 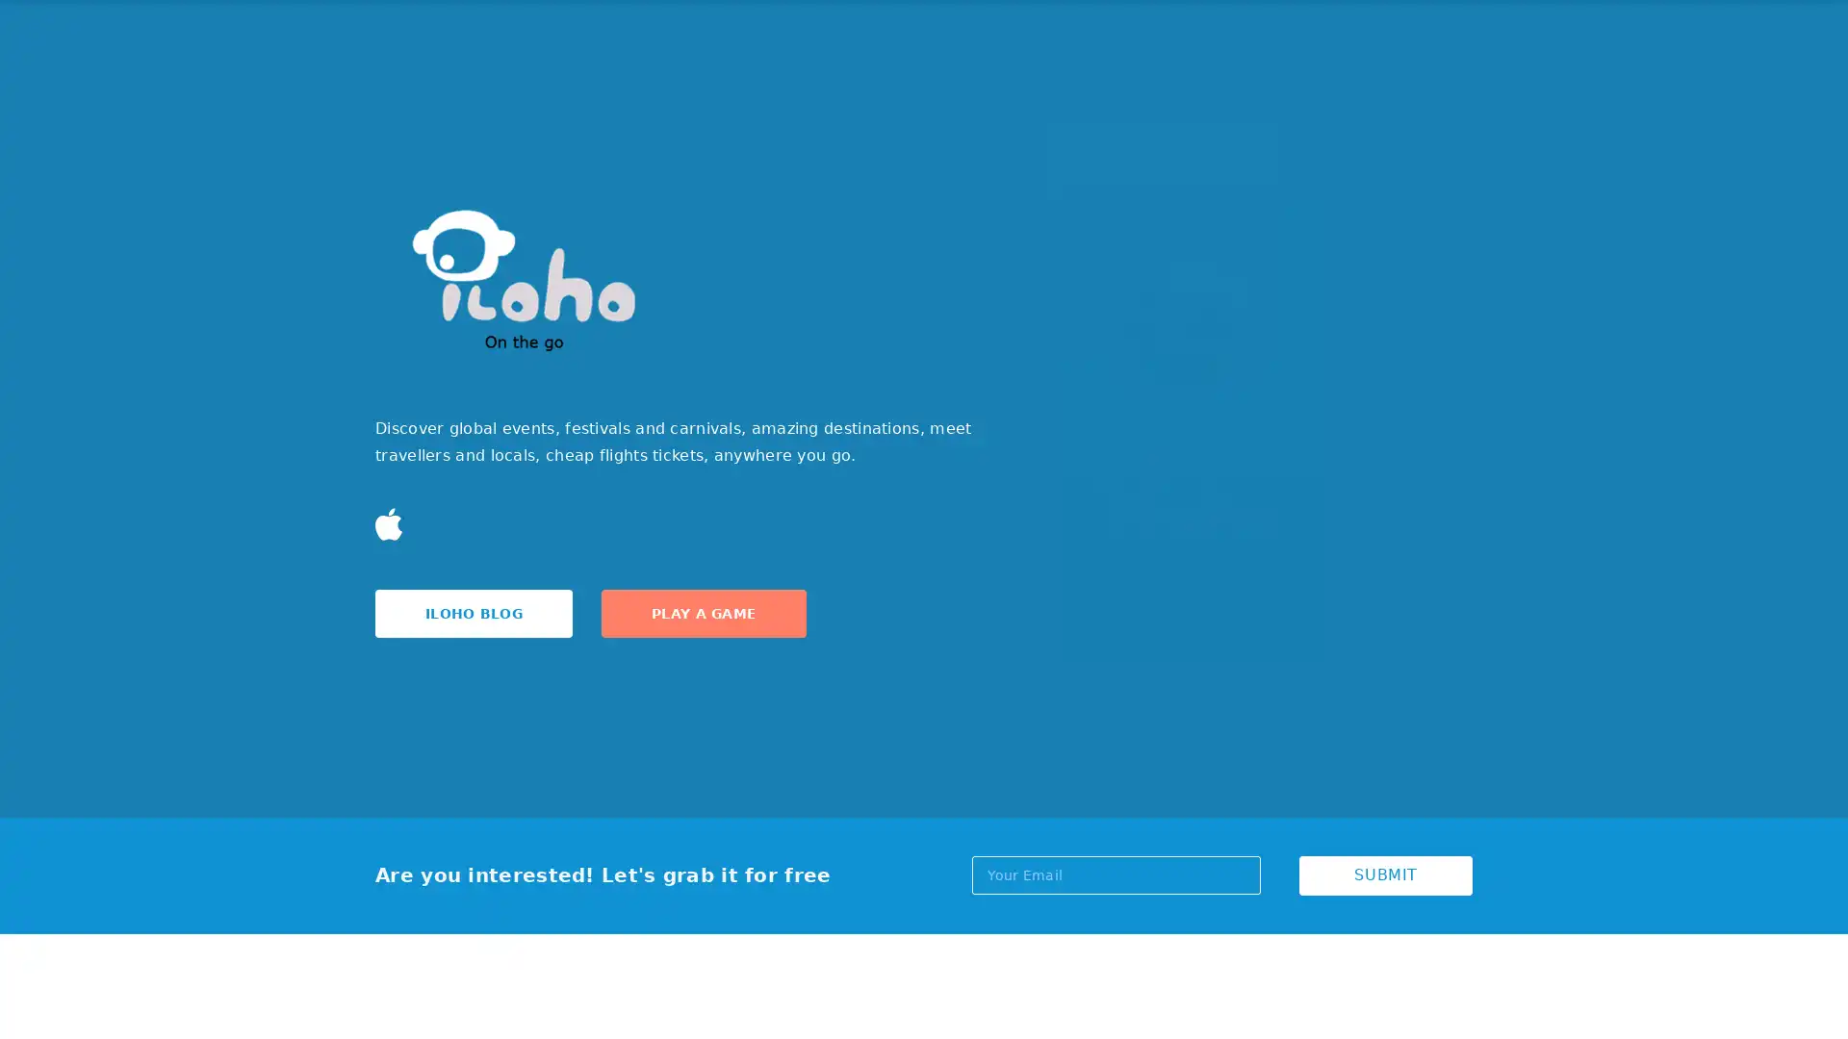 I want to click on SUBMIT, so click(x=1386, y=875).